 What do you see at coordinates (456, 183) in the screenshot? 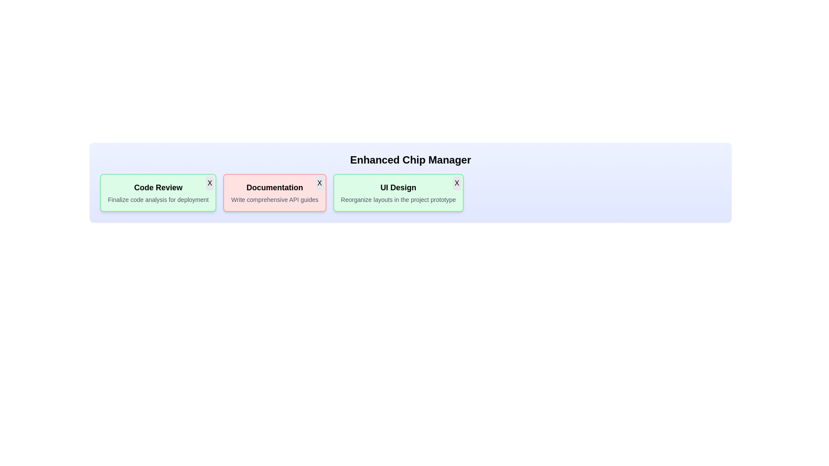
I see `the close button of the chip labeled 'UI Design' to remove it` at bounding box center [456, 183].